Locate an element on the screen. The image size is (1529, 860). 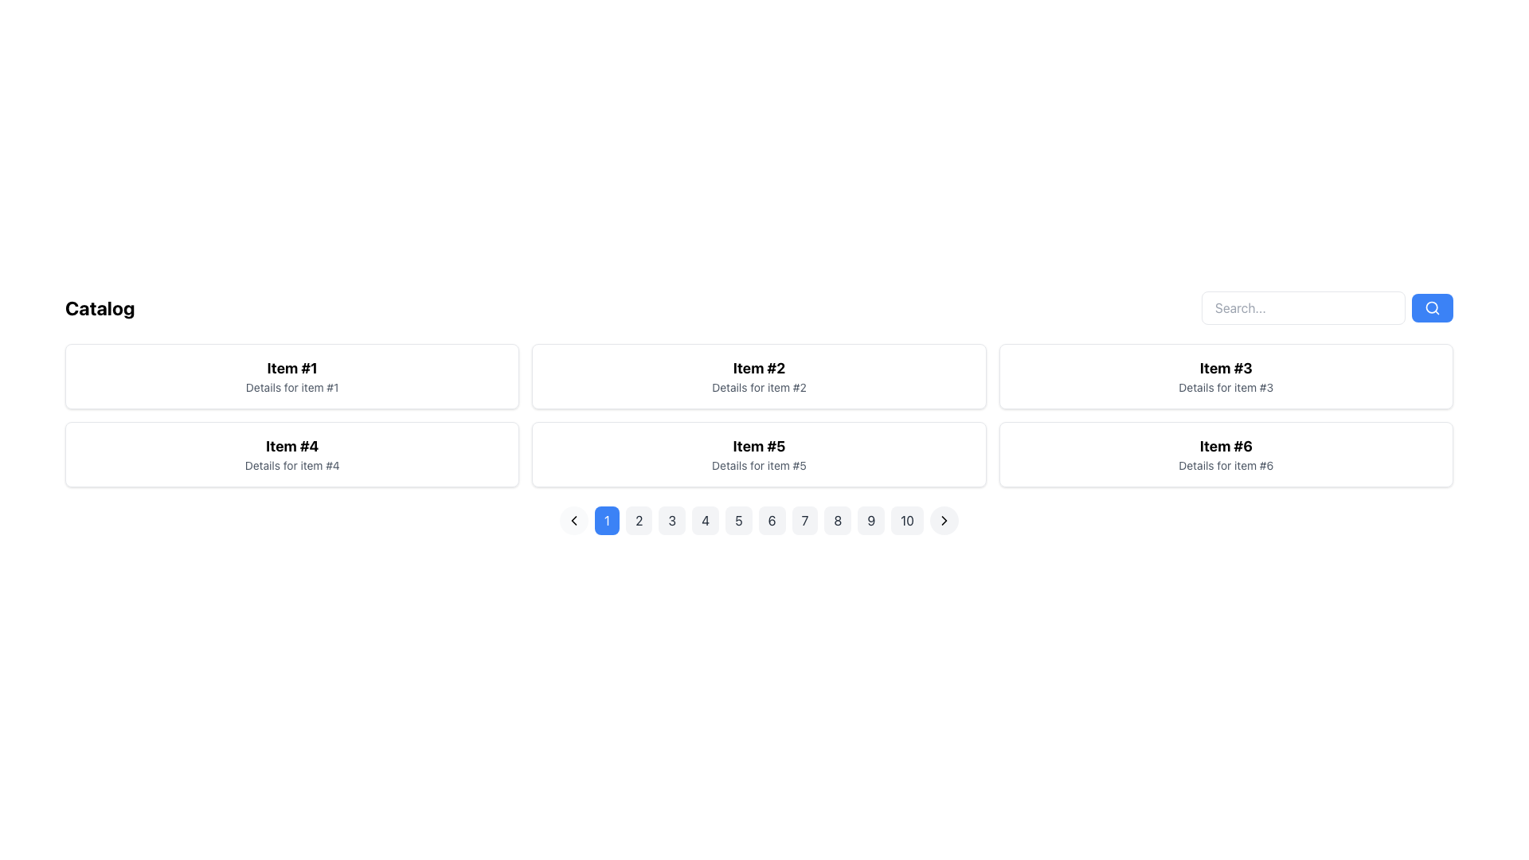
the rectangular button labeled '10' with a light gray background and bolded black font located in the pagination control bar at the bottom center of the interface is located at coordinates (907, 521).